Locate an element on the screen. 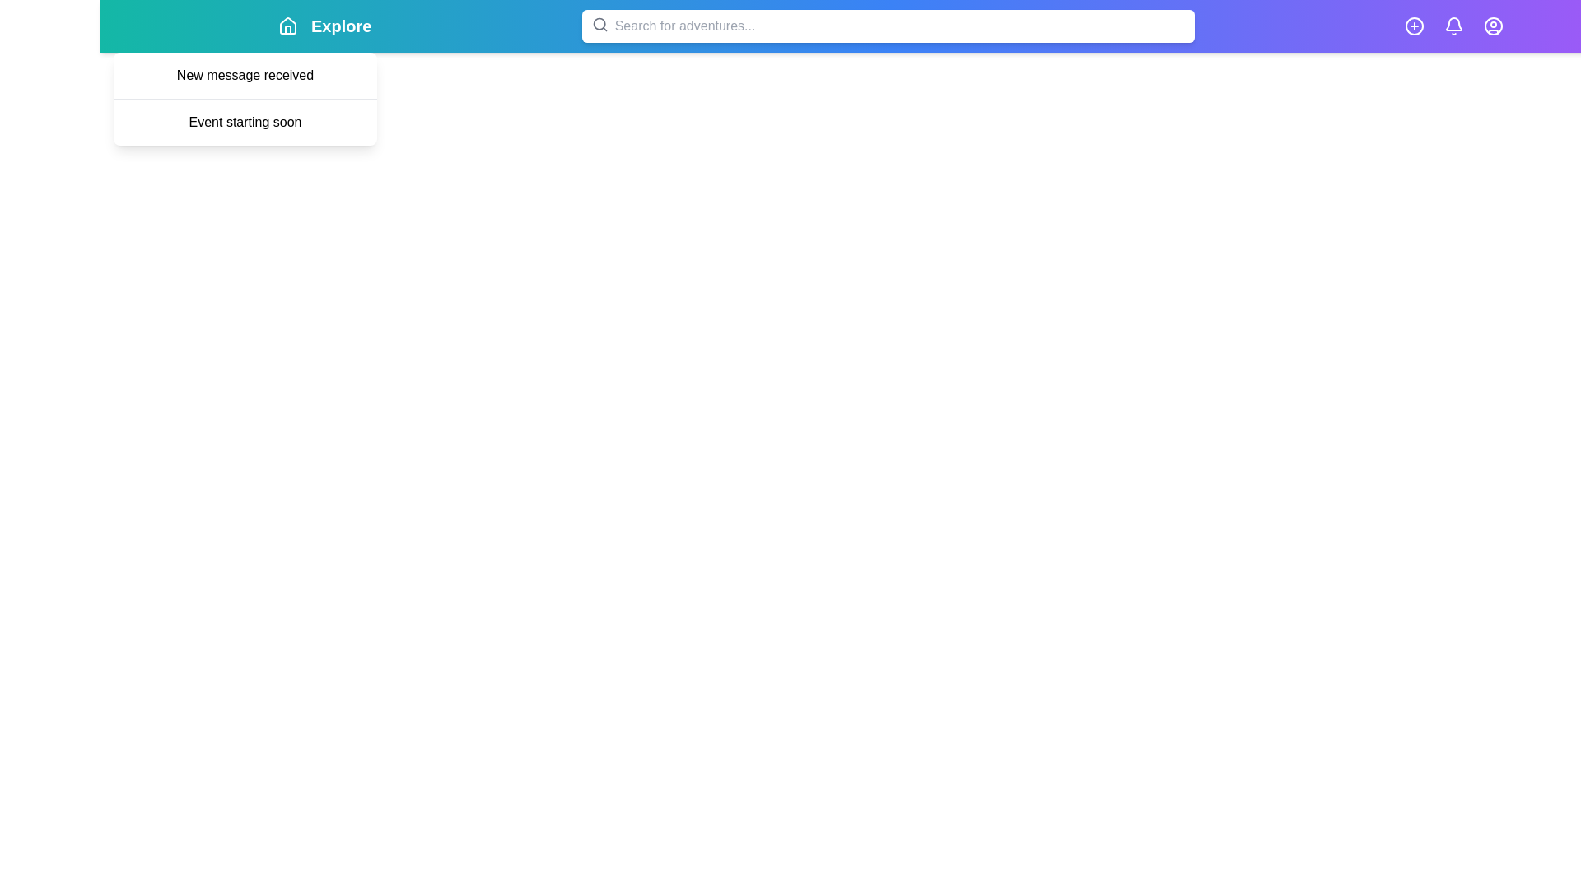  the plus icon to perform an add action is located at coordinates (1414, 26).